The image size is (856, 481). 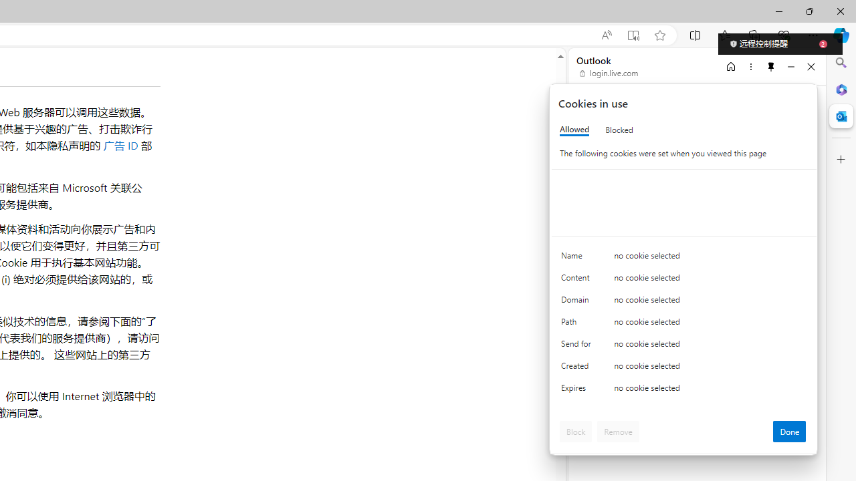 I want to click on 'Class: c0153 c0157 c0154', so click(x=684, y=259).